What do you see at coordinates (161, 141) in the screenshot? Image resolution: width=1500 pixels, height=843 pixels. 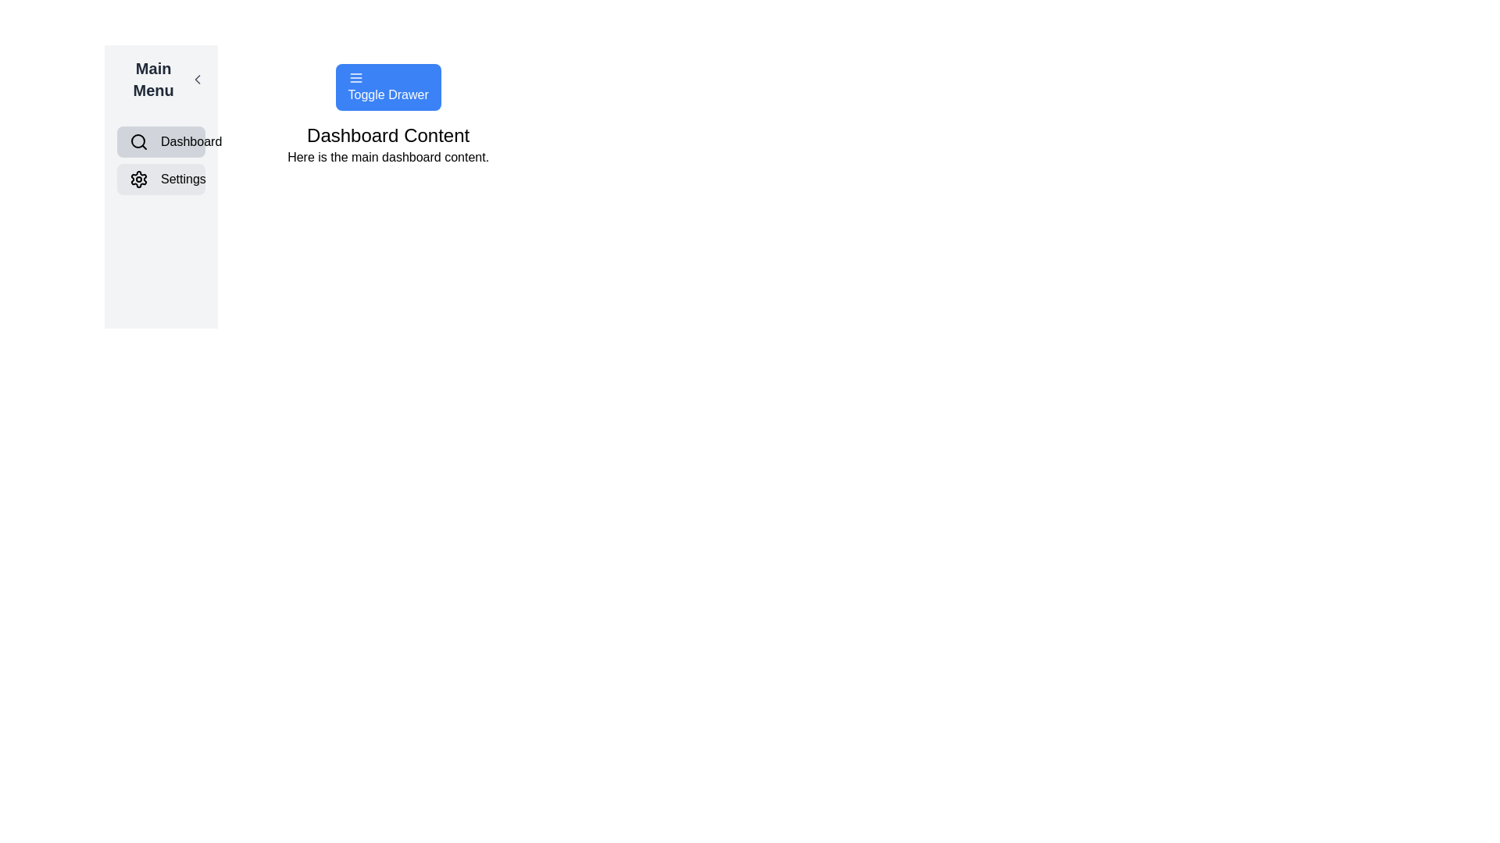 I see `the 'Dashboard' button, which is a rectangular button with rounded corners containing a magnifying glass icon and bold text, located under 'Main Menu' in the navigation area` at bounding box center [161, 141].